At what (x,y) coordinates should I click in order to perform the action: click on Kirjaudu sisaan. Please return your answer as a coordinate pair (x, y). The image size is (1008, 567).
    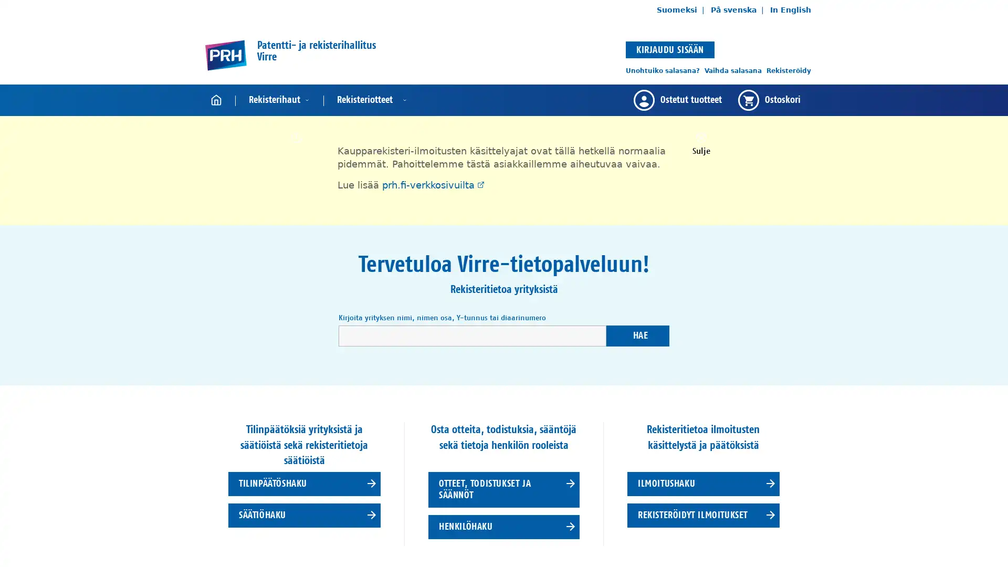
    Looking at the image, I should click on (669, 49).